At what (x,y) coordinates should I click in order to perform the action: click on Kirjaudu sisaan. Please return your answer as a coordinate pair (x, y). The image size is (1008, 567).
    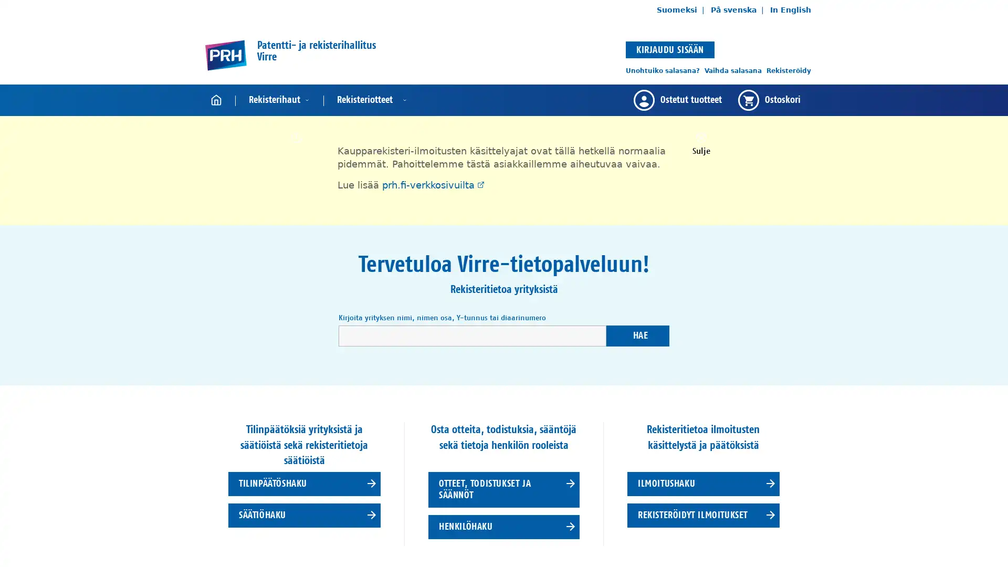
    Looking at the image, I should click on (669, 49).